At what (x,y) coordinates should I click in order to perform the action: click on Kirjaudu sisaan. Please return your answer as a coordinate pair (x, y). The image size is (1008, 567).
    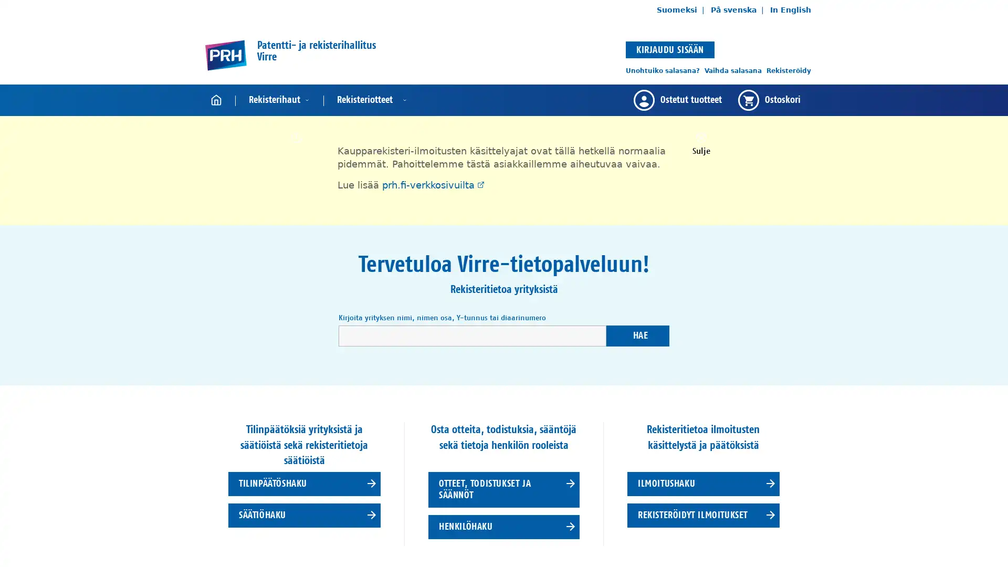
    Looking at the image, I should click on (669, 49).